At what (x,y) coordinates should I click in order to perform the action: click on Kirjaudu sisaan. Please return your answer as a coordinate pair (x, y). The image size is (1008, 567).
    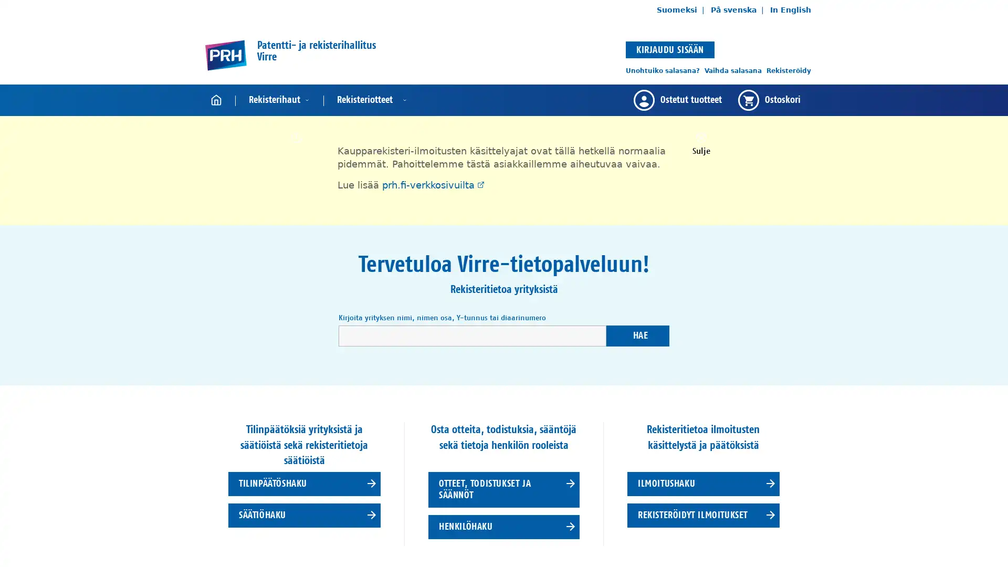
    Looking at the image, I should click on (669, 49).